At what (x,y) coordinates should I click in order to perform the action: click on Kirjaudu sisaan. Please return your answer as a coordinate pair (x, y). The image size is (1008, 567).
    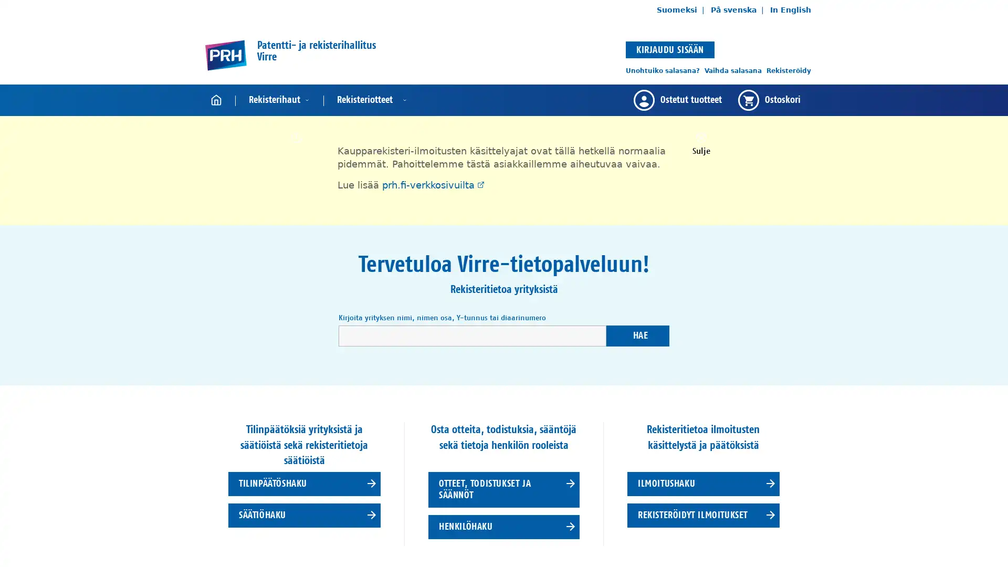
    Looking at the image, I should click on (669, 49).